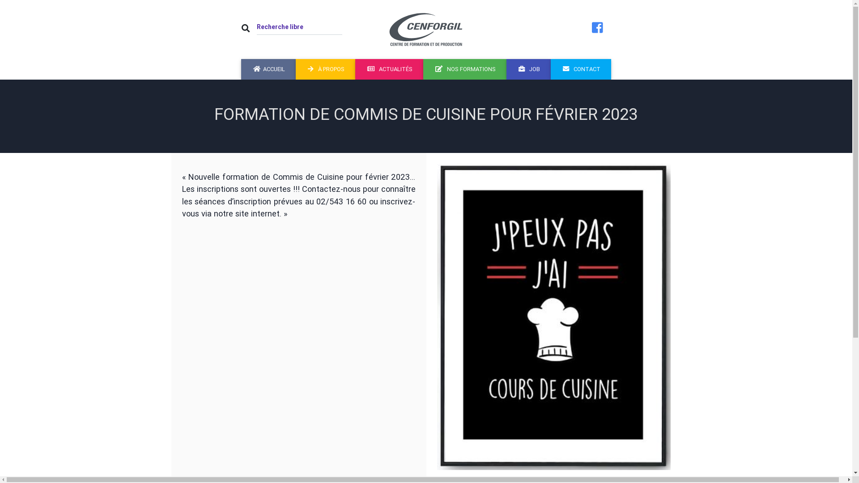 The image size is (859, 483). What do you see at coordinates (528, 68) in the screenshot?
I see `'JOB'` at bounding box center [528, 68].